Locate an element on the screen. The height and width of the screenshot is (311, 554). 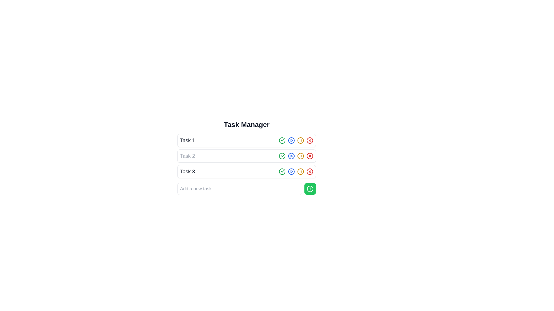
the delete button located at the far right end of the row corresponding to 'Task 1' is located at coordinates (310, 141).